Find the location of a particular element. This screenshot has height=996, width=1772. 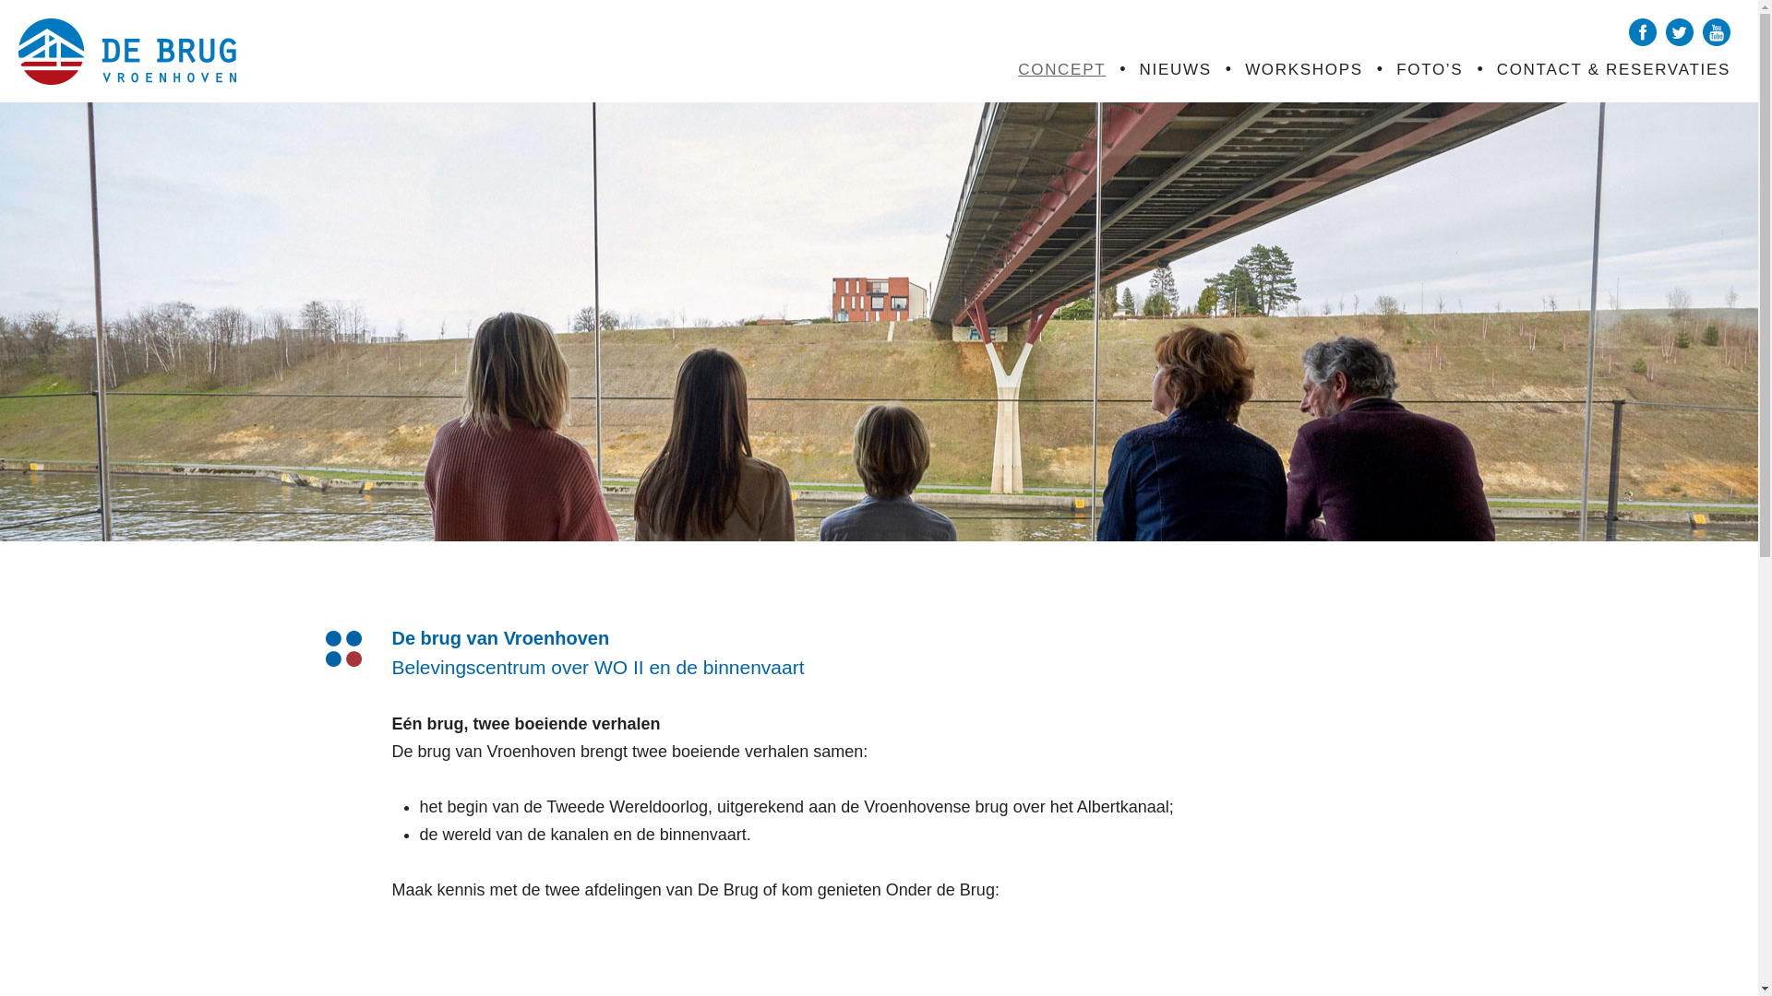

'Facebook' is located at coordinates (1643, 31).